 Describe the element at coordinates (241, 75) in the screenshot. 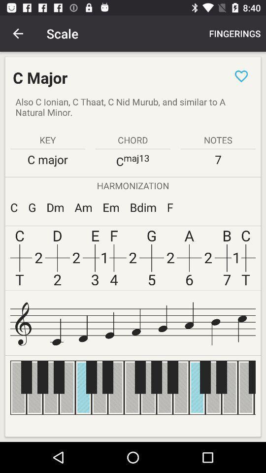

I see `like page` at that location.